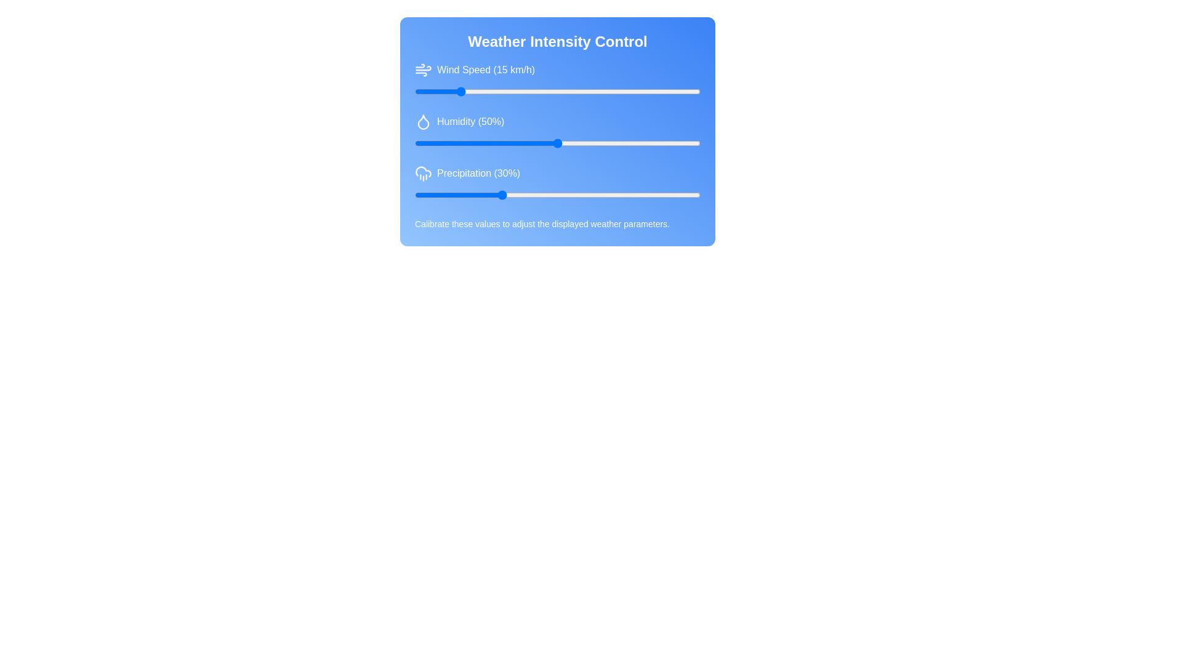 The width and height of the screenshot is (1182, 665). I want to click on the Wind Speed slider control, which features a label 'Wind Speed (15 km/h)' and a wind icon, located below the 'Weather Intensity Control' header, so click(557, 80).